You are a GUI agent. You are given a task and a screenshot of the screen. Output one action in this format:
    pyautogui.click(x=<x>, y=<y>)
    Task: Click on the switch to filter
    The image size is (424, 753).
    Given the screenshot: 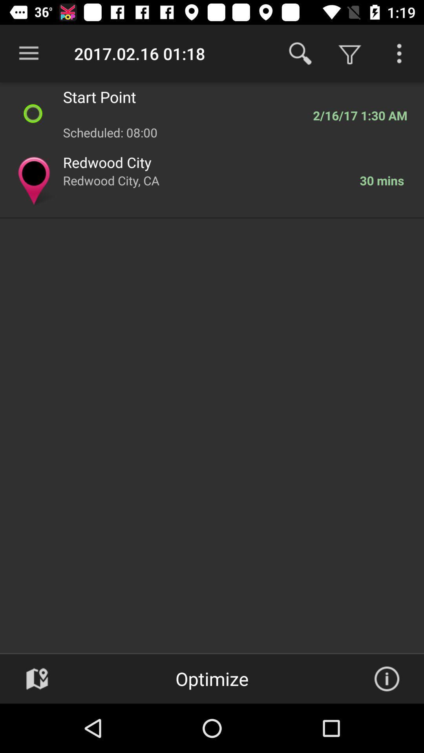 What is the action you would take?
    pyautogui.click(x=399, y=53)
    